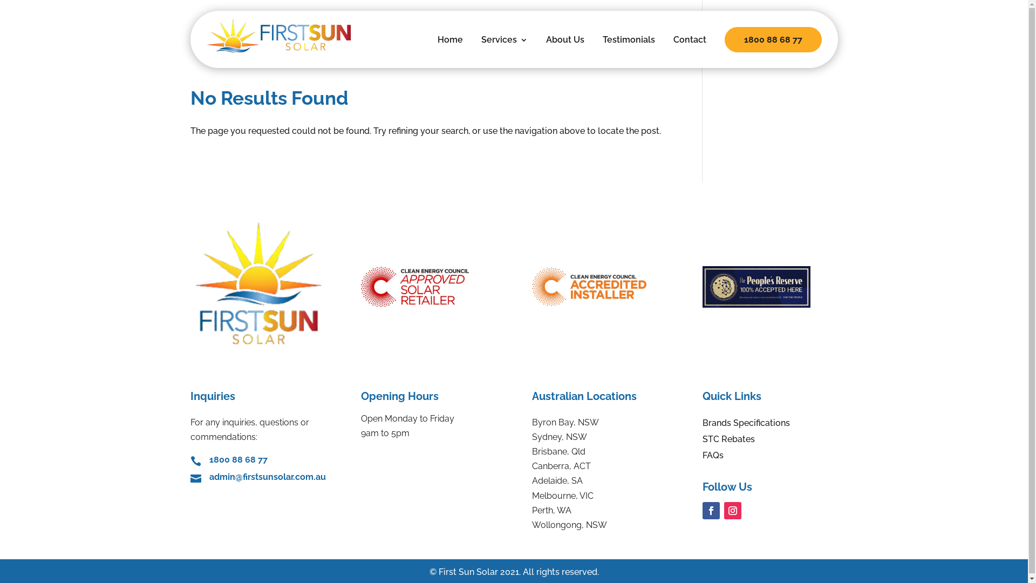 The width and height of the screenshot is (1036, 583). Describe the element at coordinates (711, 510) in the screenshot. I see `'Follow on Facebook'` at that location.